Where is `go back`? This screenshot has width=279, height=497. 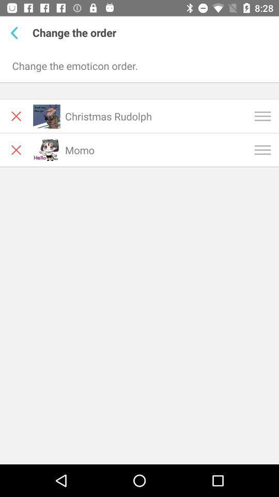 go back is located at coordinates (16, 33).